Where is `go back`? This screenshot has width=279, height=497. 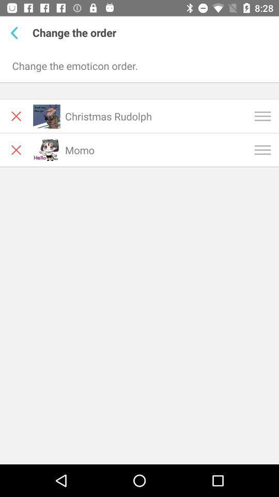 go back is located at coordinates (16, 33).